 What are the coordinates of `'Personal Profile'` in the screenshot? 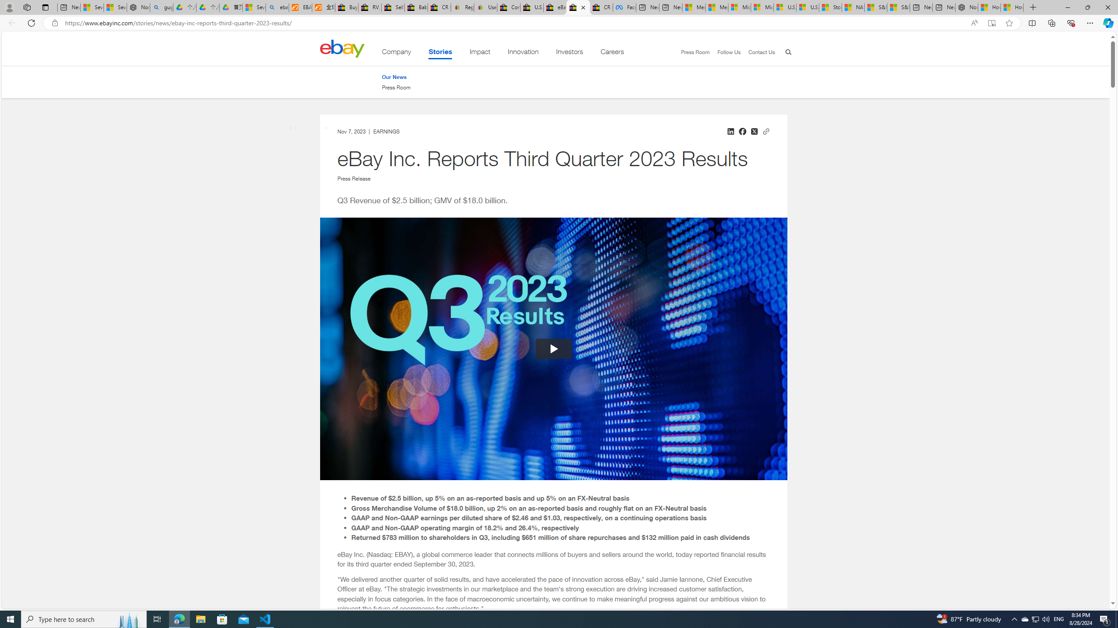 It's located at (9, 7).